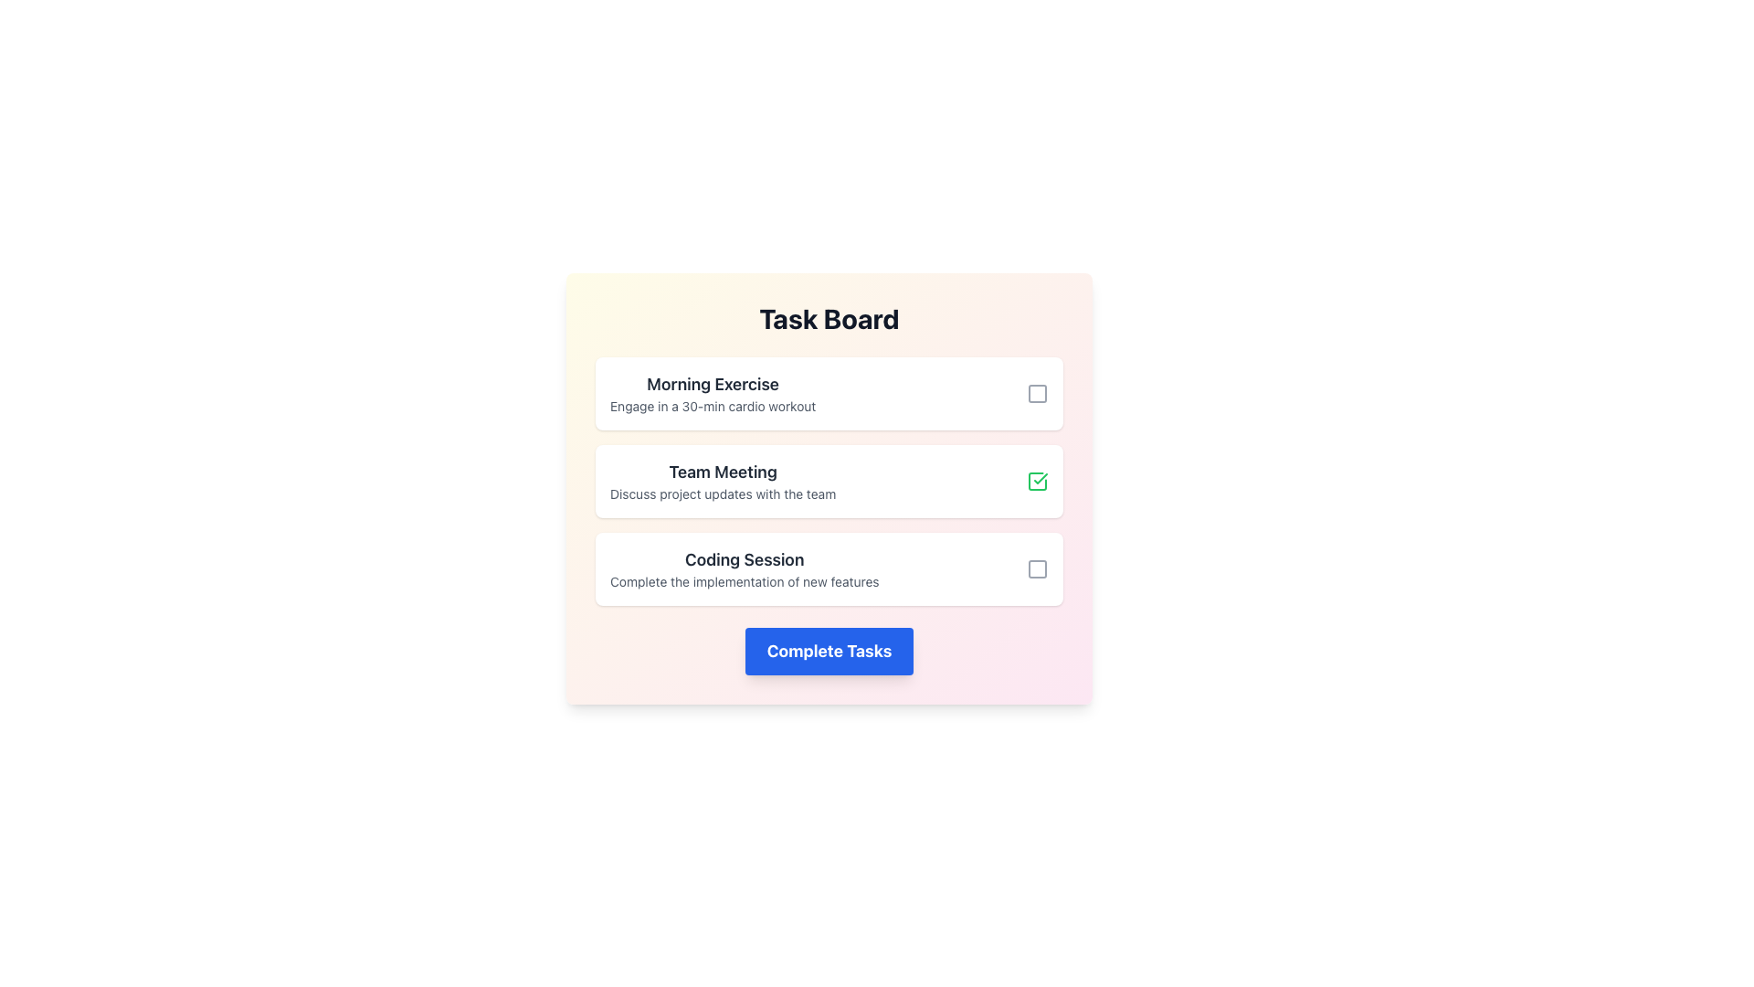 The image size is (1754, 987). Describe the element at coordinates (712, 405) in the screenshot. I see `the informational text element that provides additional context for the 'Morning Exercise' task, located directly underneath the heading in the task list interface` at that location.